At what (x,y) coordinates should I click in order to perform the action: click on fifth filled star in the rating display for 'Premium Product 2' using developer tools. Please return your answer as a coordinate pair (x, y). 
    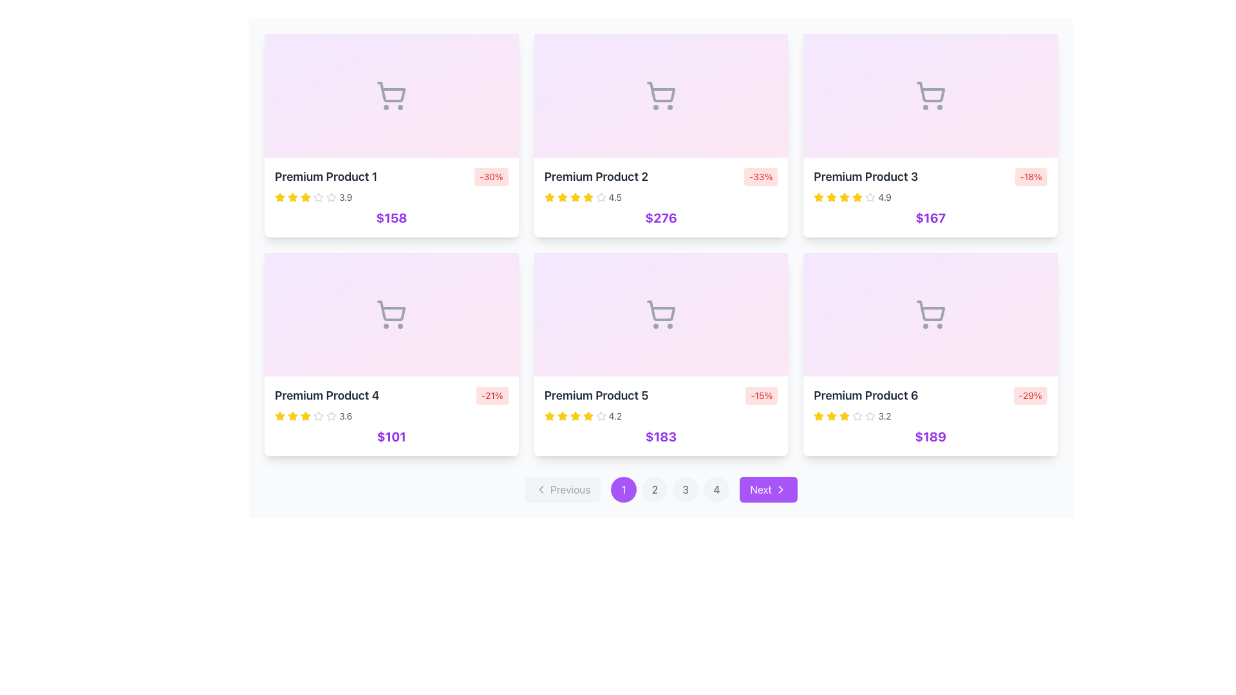
    Looking at the image, I should click on (587, 198).